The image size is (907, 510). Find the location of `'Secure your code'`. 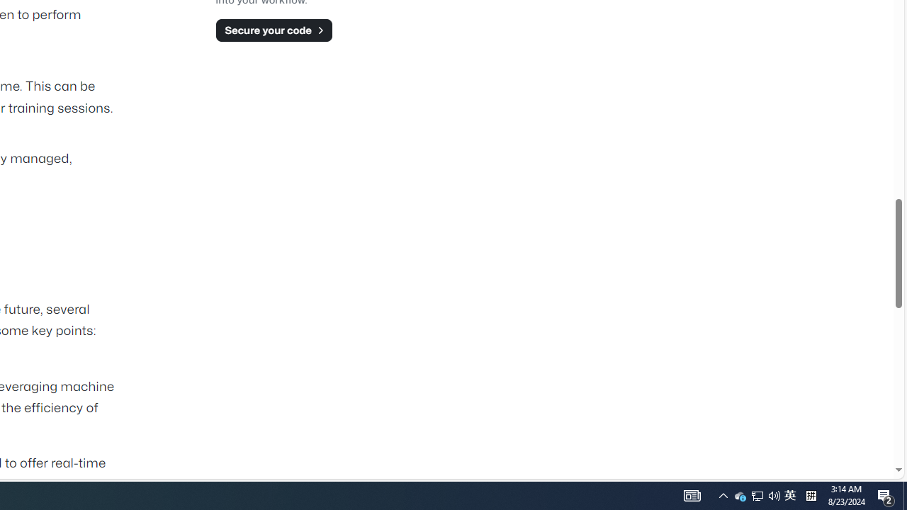

'Secure your code' is located at coordinates (274, 30).